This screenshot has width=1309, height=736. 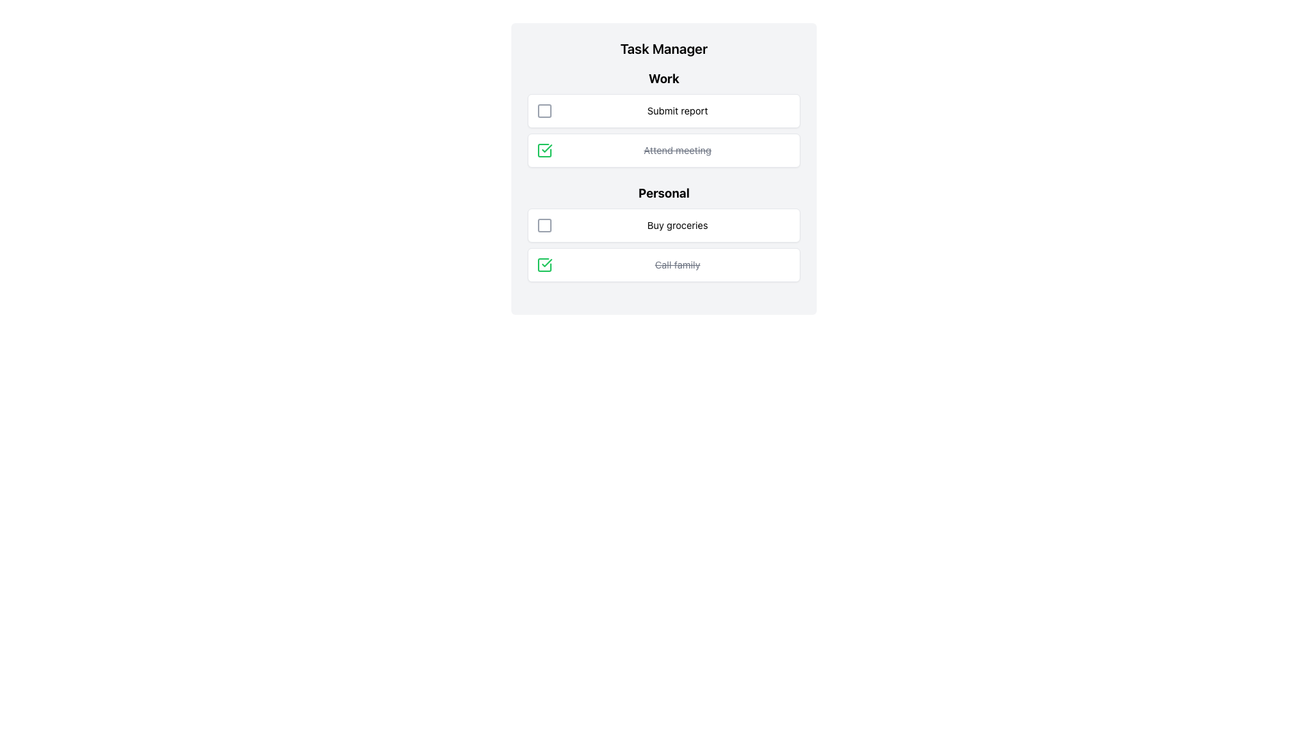 I want to click on the green check-marked square icon checkbox indicating task completion, located to the left of the 'Attend meeting' text, so click(x=543, y=150).